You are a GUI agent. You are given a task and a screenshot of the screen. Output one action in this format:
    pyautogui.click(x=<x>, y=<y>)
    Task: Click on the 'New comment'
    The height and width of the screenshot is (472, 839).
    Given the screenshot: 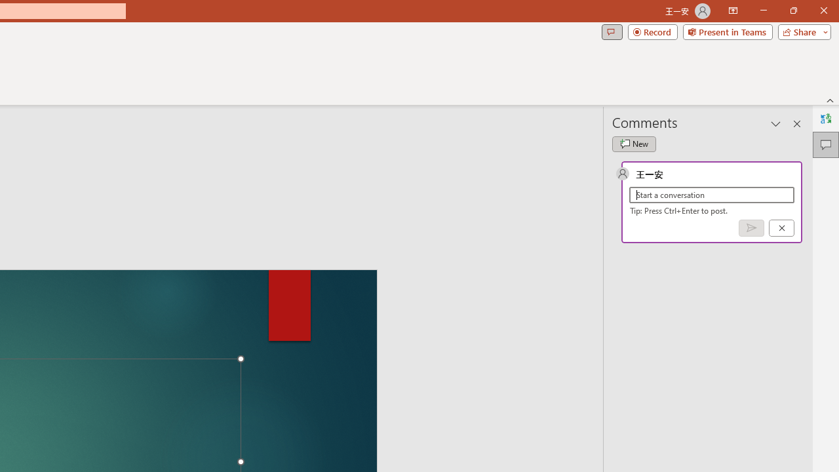 What is the action you would take?
    pyautogui.click(x=634, y=144)
    